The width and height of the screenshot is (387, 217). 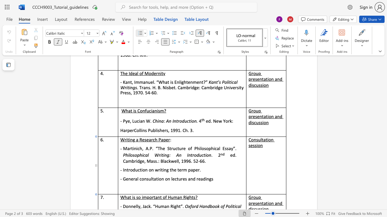 I want to click on the 2th character "n" in the text, so click(x=146, y=170).